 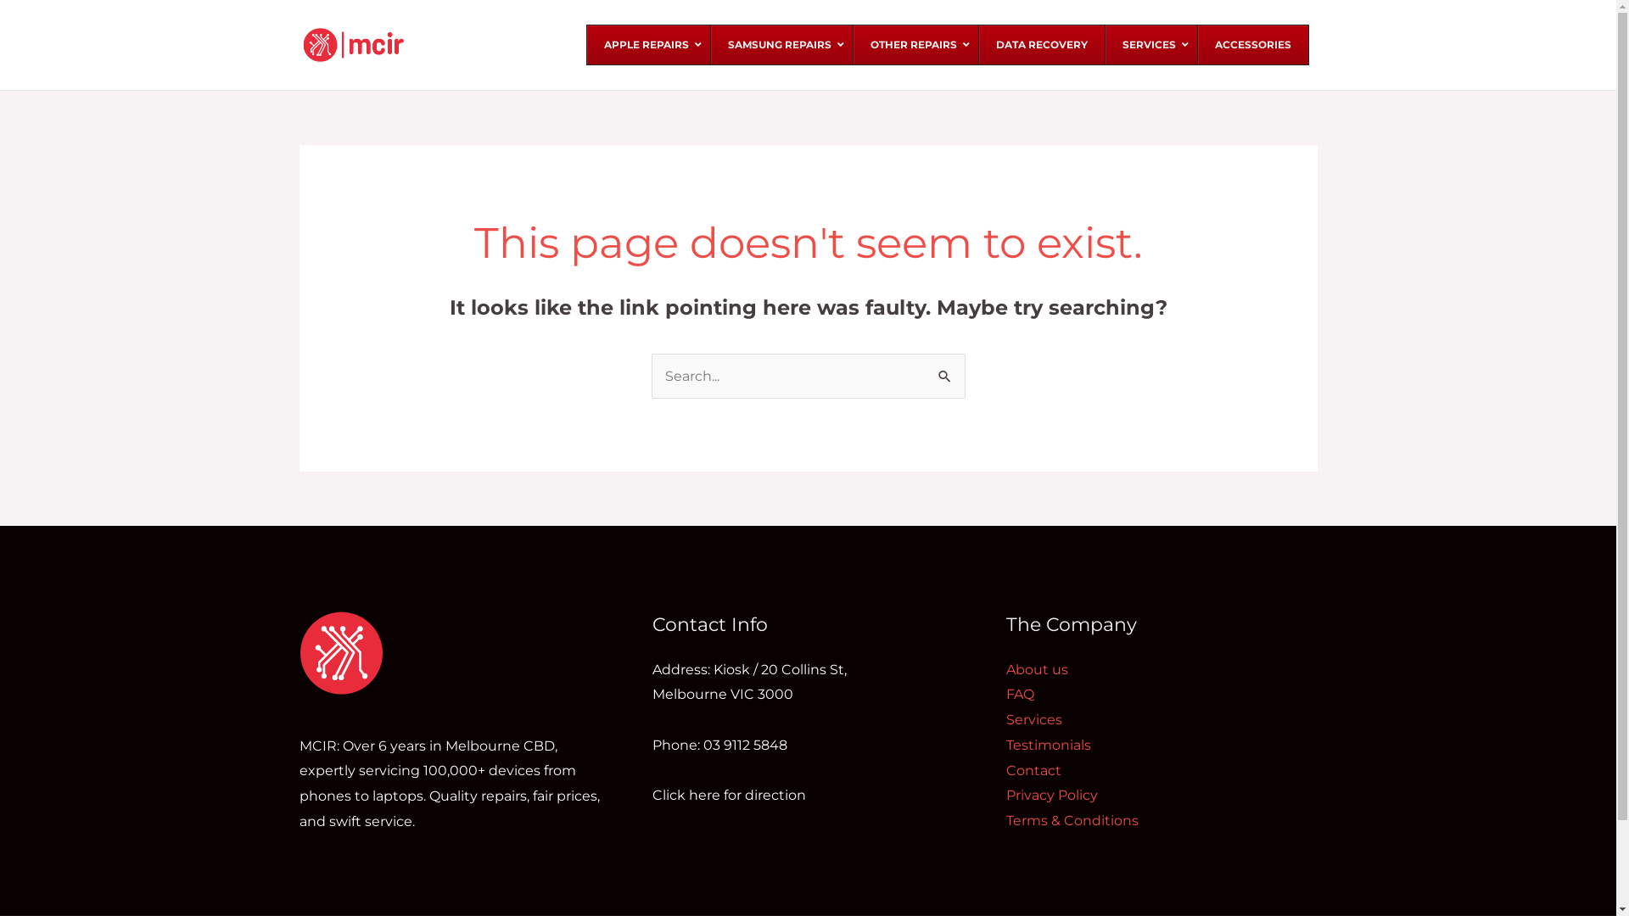 What do you see at coordinates (780, 44) in the screenshot?
I see `'SAMSUNG REPAIRS'` at bounding box center [780, 44].